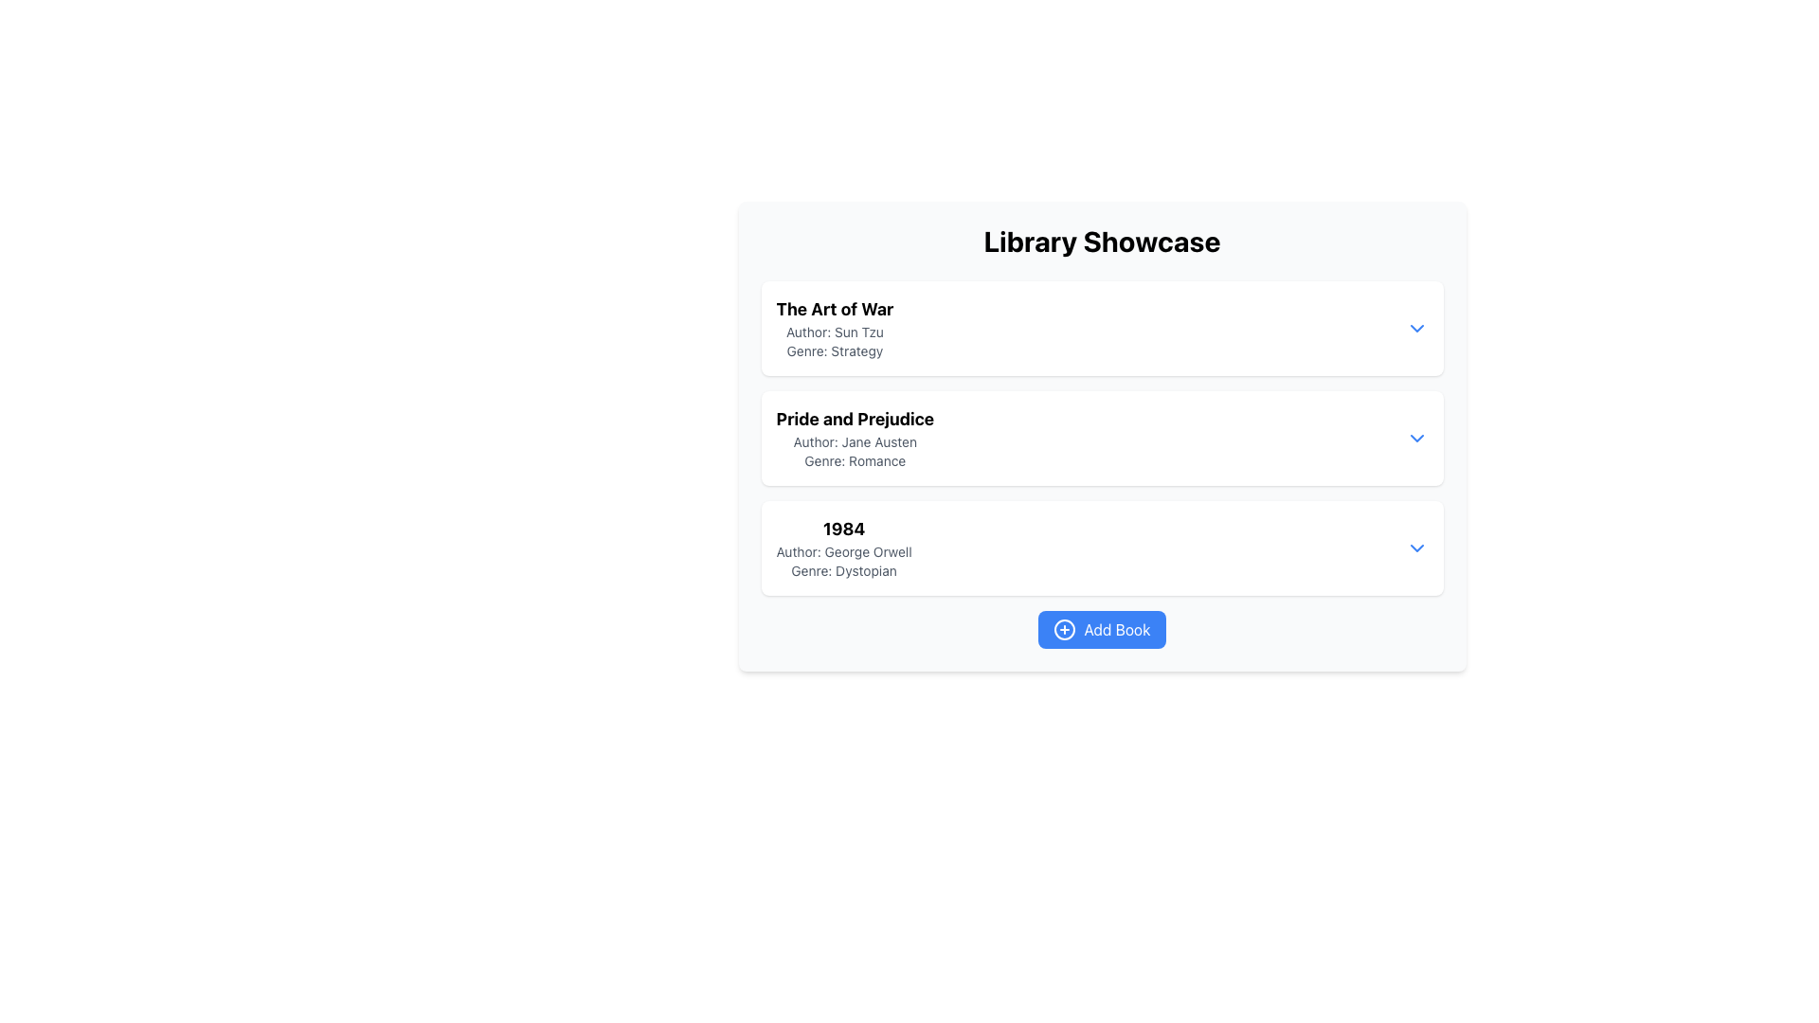  I want to click on the text element displaying '1984' in bold and large font located in the middle-right section of the interface, so click(843, 529).